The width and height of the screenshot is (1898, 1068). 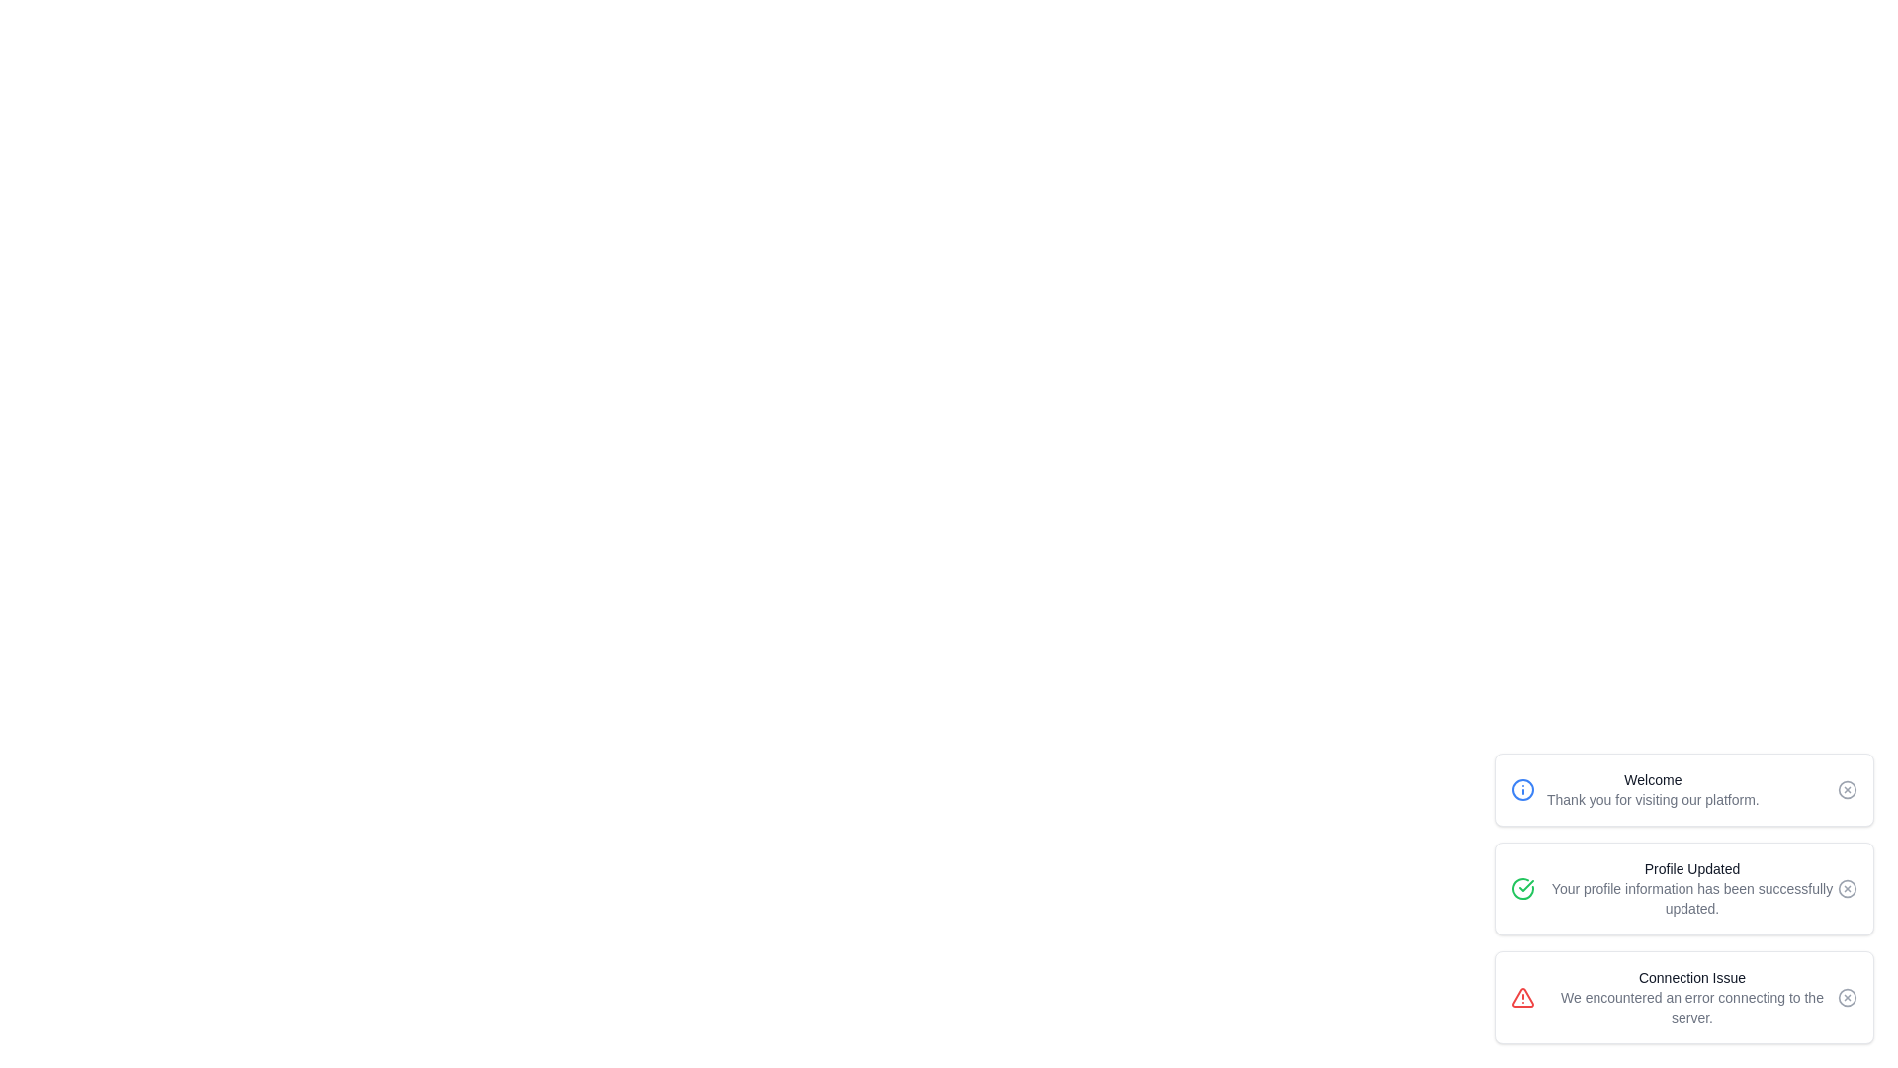 I want to click on the notification with title Welcome to observe style changes, so click(x=1683, y=788).